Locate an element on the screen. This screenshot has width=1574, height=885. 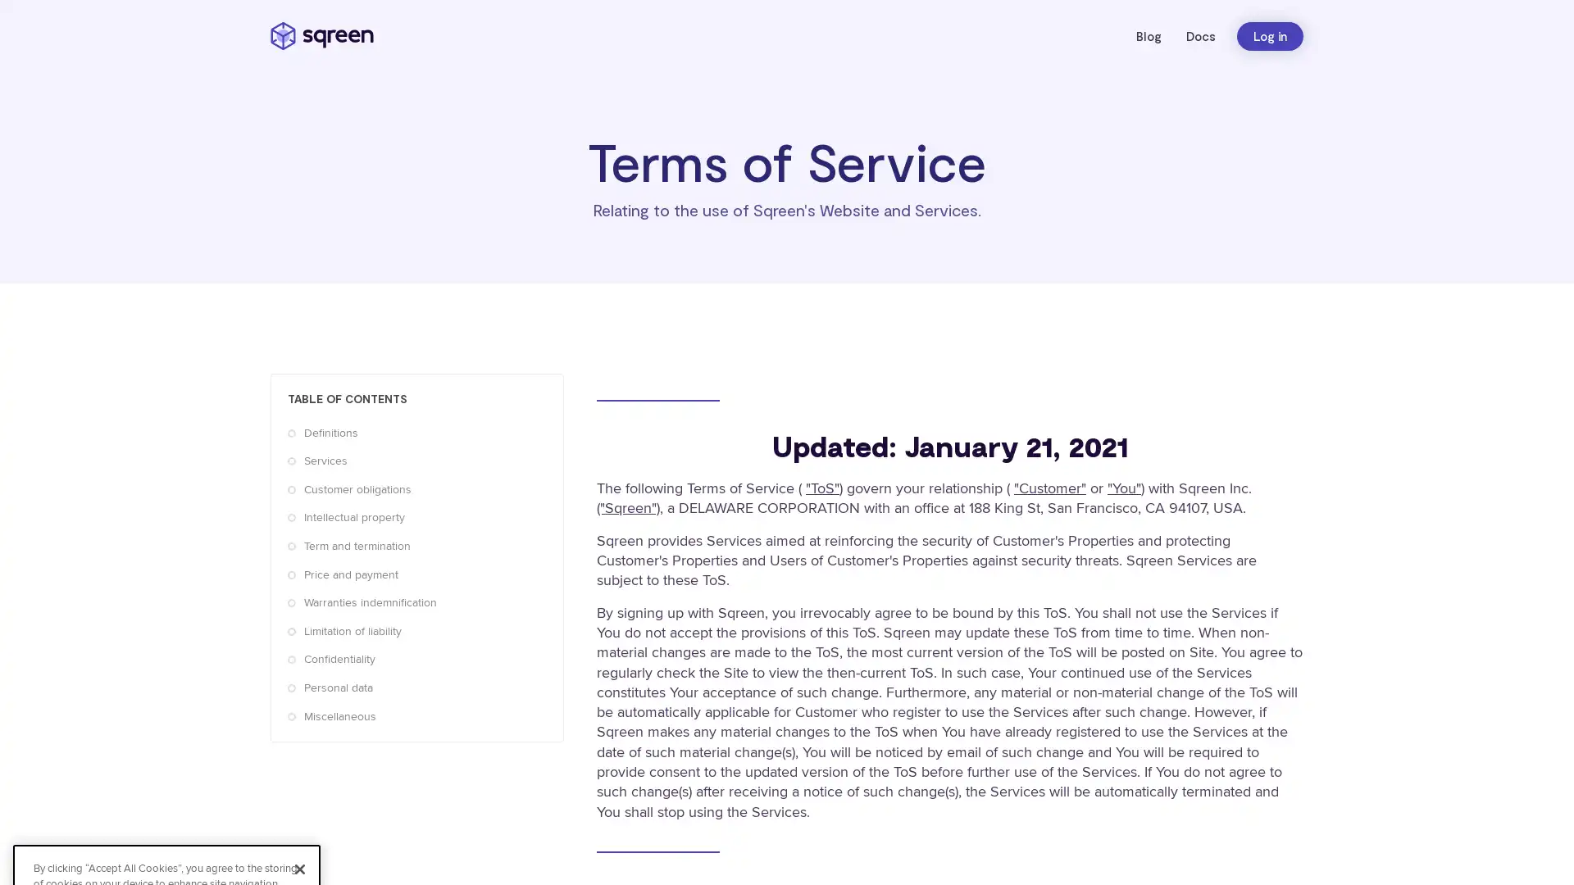
Close is located at coordinates (299, 697).